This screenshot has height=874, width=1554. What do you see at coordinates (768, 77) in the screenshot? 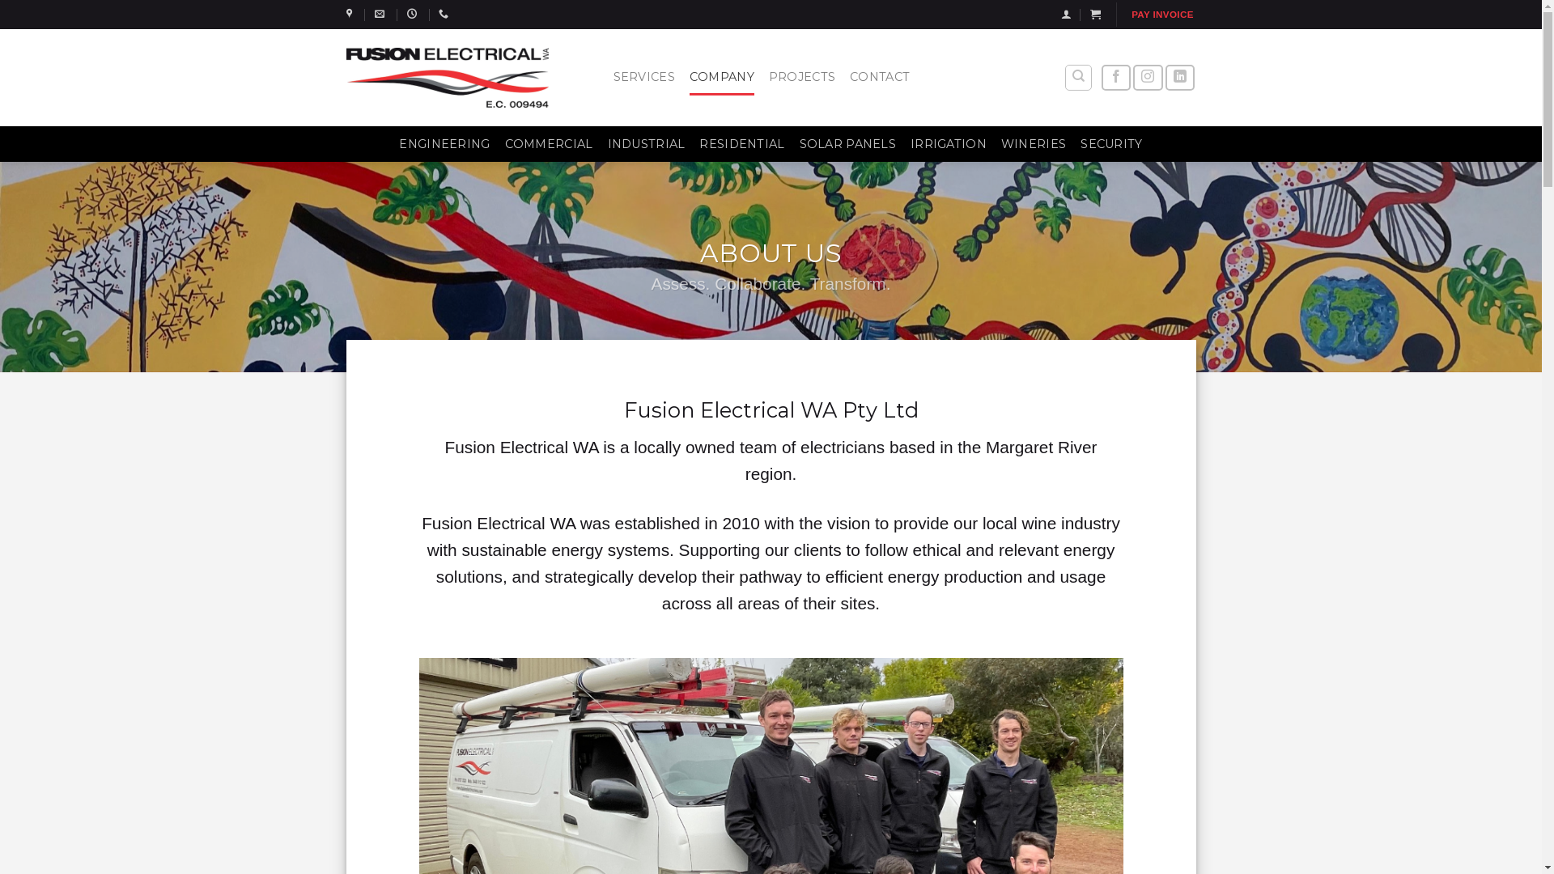
I see `'PROJECTS'` at bounding box center [768, 77].